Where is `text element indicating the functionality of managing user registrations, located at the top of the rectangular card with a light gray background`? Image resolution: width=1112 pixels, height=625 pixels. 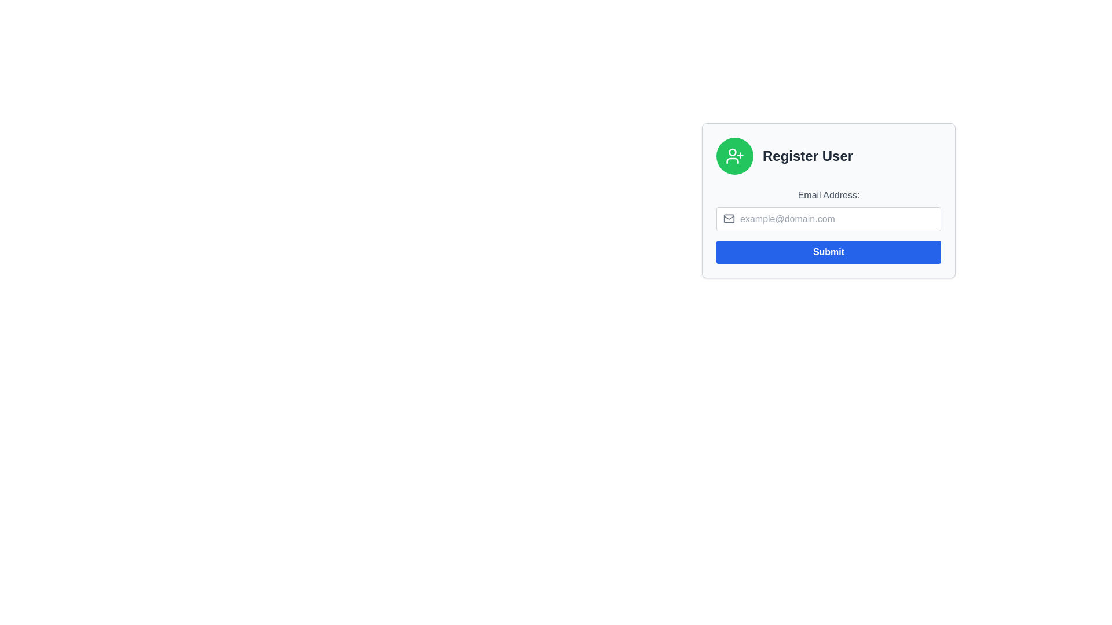
text element indicating the functionality of managing user registrations, located at the top of the rectangular card with a light gray background is located at coordinates (828, 156).